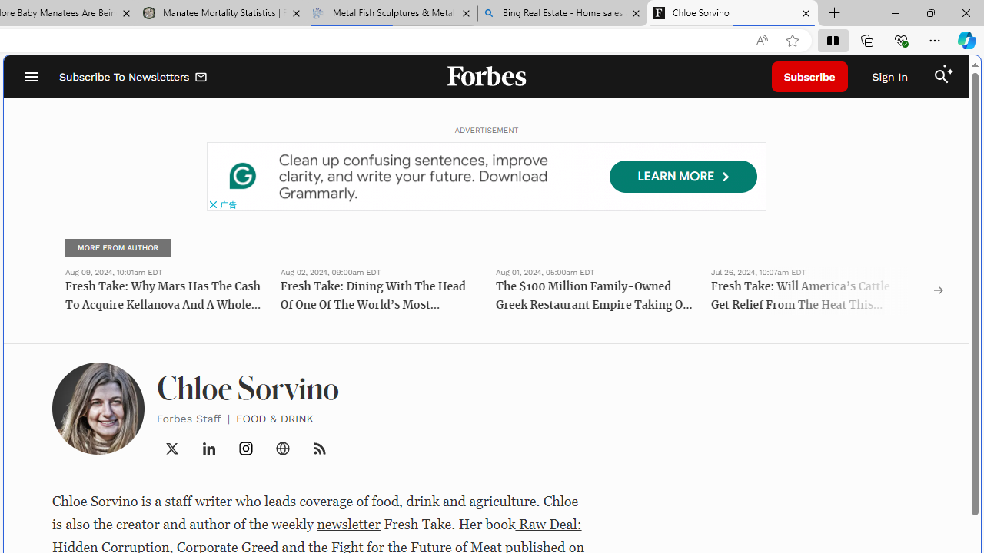 This screenshot has height=553, width=984. What do you see at coordinates (889, 77) in the screenshot?
I see `'Sign In'` at bounding box center [889, 77].